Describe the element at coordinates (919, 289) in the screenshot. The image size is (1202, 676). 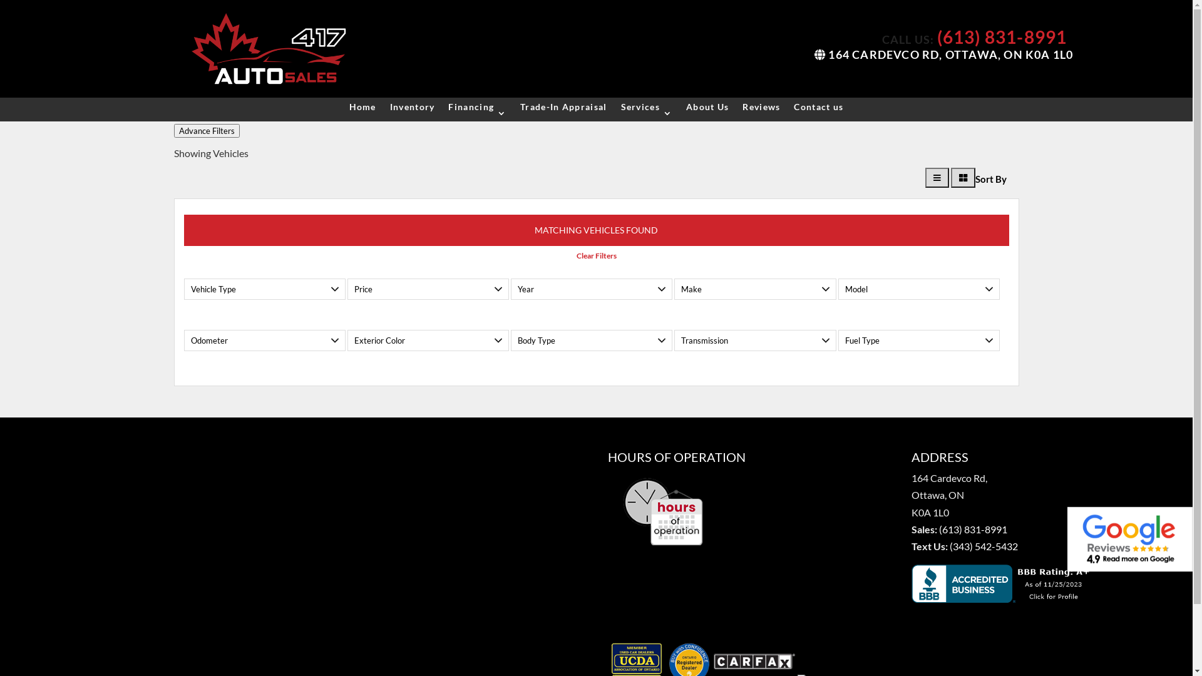
I see `'Model'` at that location.